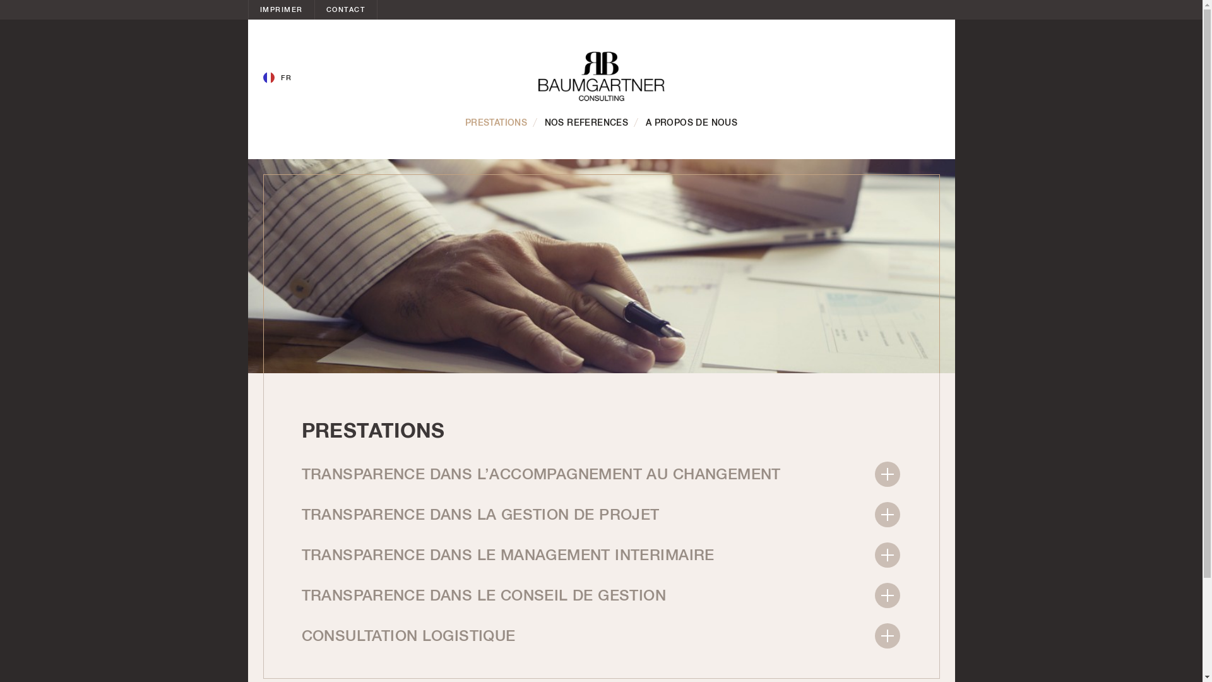 The image size is (1212, 682). Describe the element at coordinates (496, 123) in the screenshot. I see `'PRESTATIONS'` at that location.